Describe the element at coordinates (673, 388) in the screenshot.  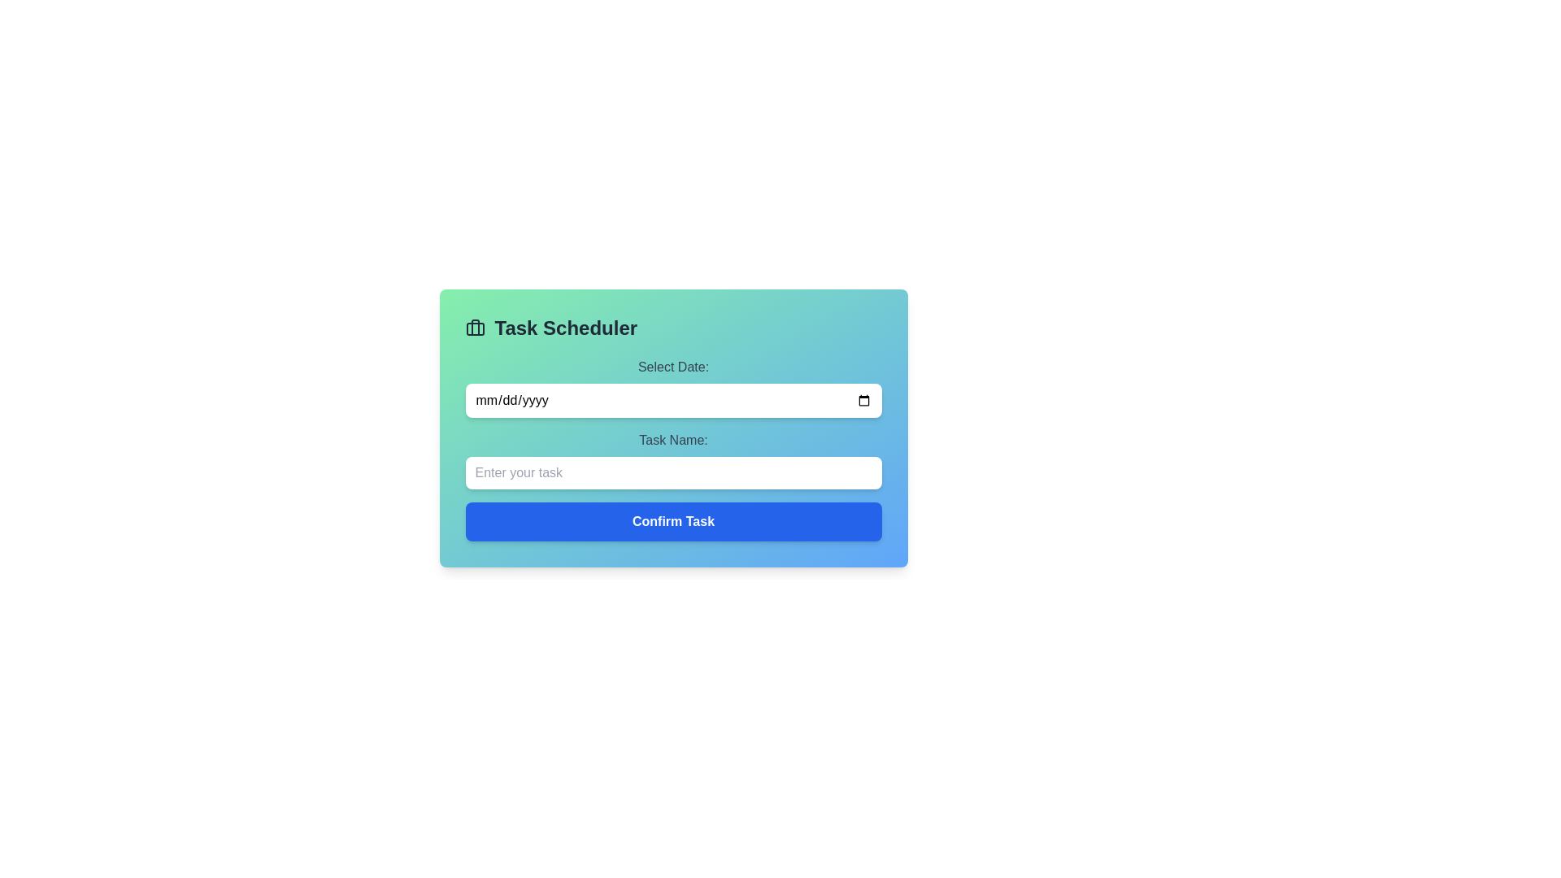
I see `a date from the dropdown calendar in the Date Input Field located beneath the header and above the 'Task Name:' input field` at that location.